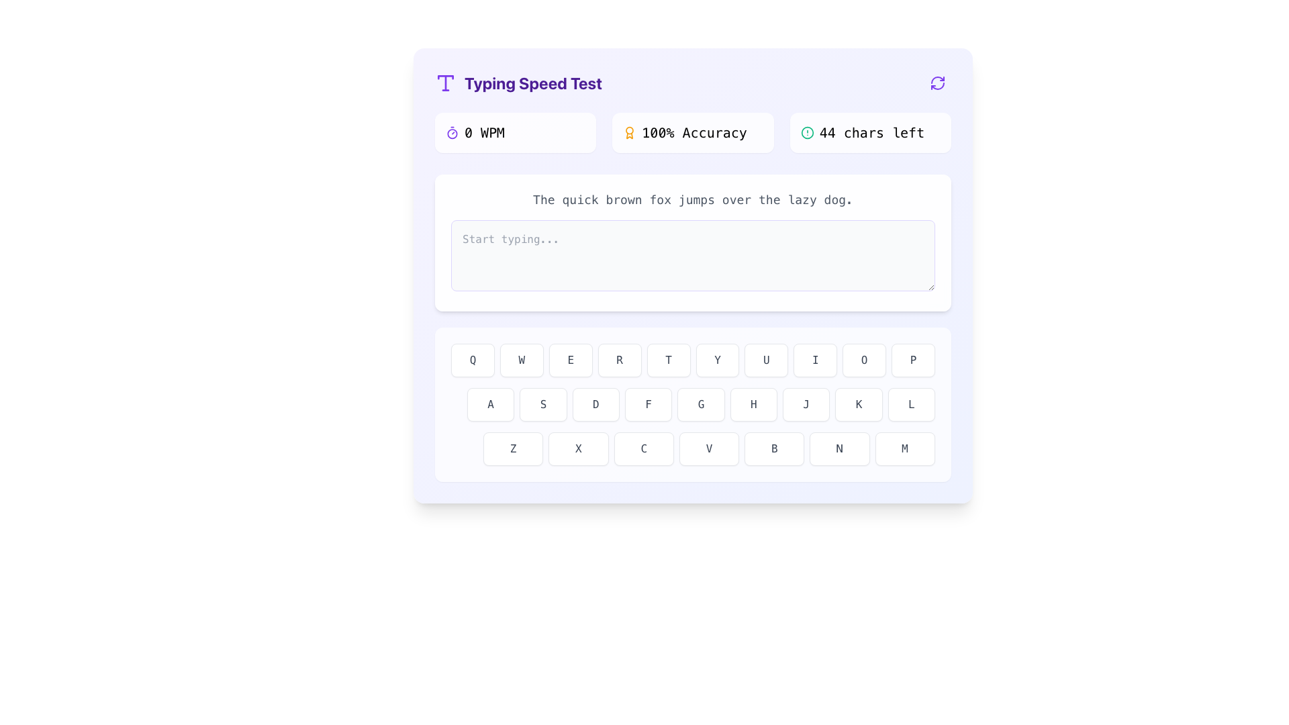  What do you see at coordinates (693, 132) in the screenshot?
I see `the second element in the horizontal grouping of typing speed metrics, which features a golden badge icon and the text '100% Accuracy'` at bounding box center [693, 132].